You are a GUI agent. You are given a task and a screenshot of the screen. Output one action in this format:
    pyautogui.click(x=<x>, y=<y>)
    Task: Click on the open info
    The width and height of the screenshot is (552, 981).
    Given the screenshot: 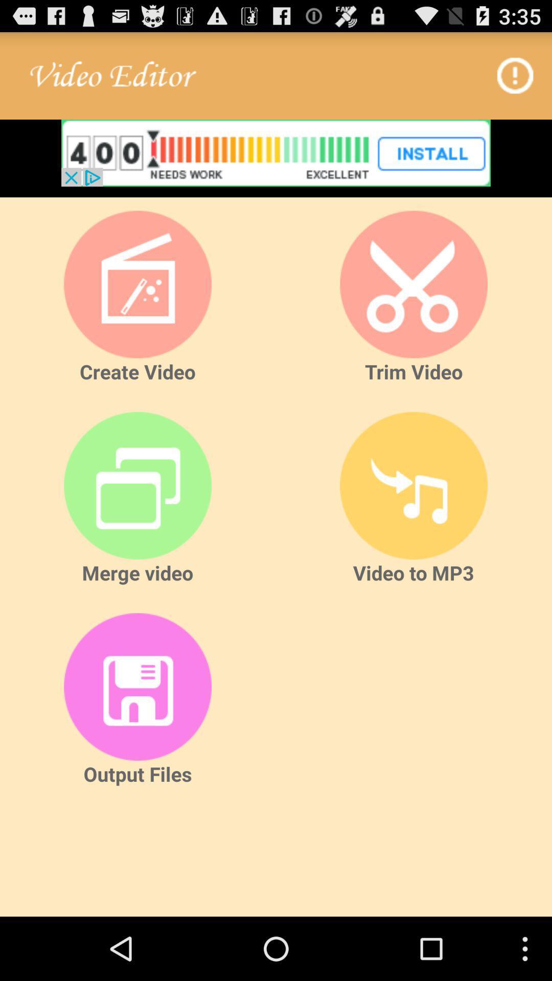 What is the action you would take?
    pyautogui.click(x=516, y=75)
    